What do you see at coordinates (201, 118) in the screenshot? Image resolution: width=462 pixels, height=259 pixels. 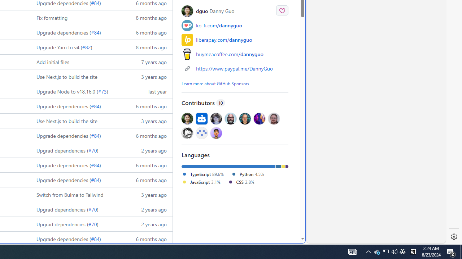 I see `'@dependabot[bot]'` at bounding box center [201, 118].